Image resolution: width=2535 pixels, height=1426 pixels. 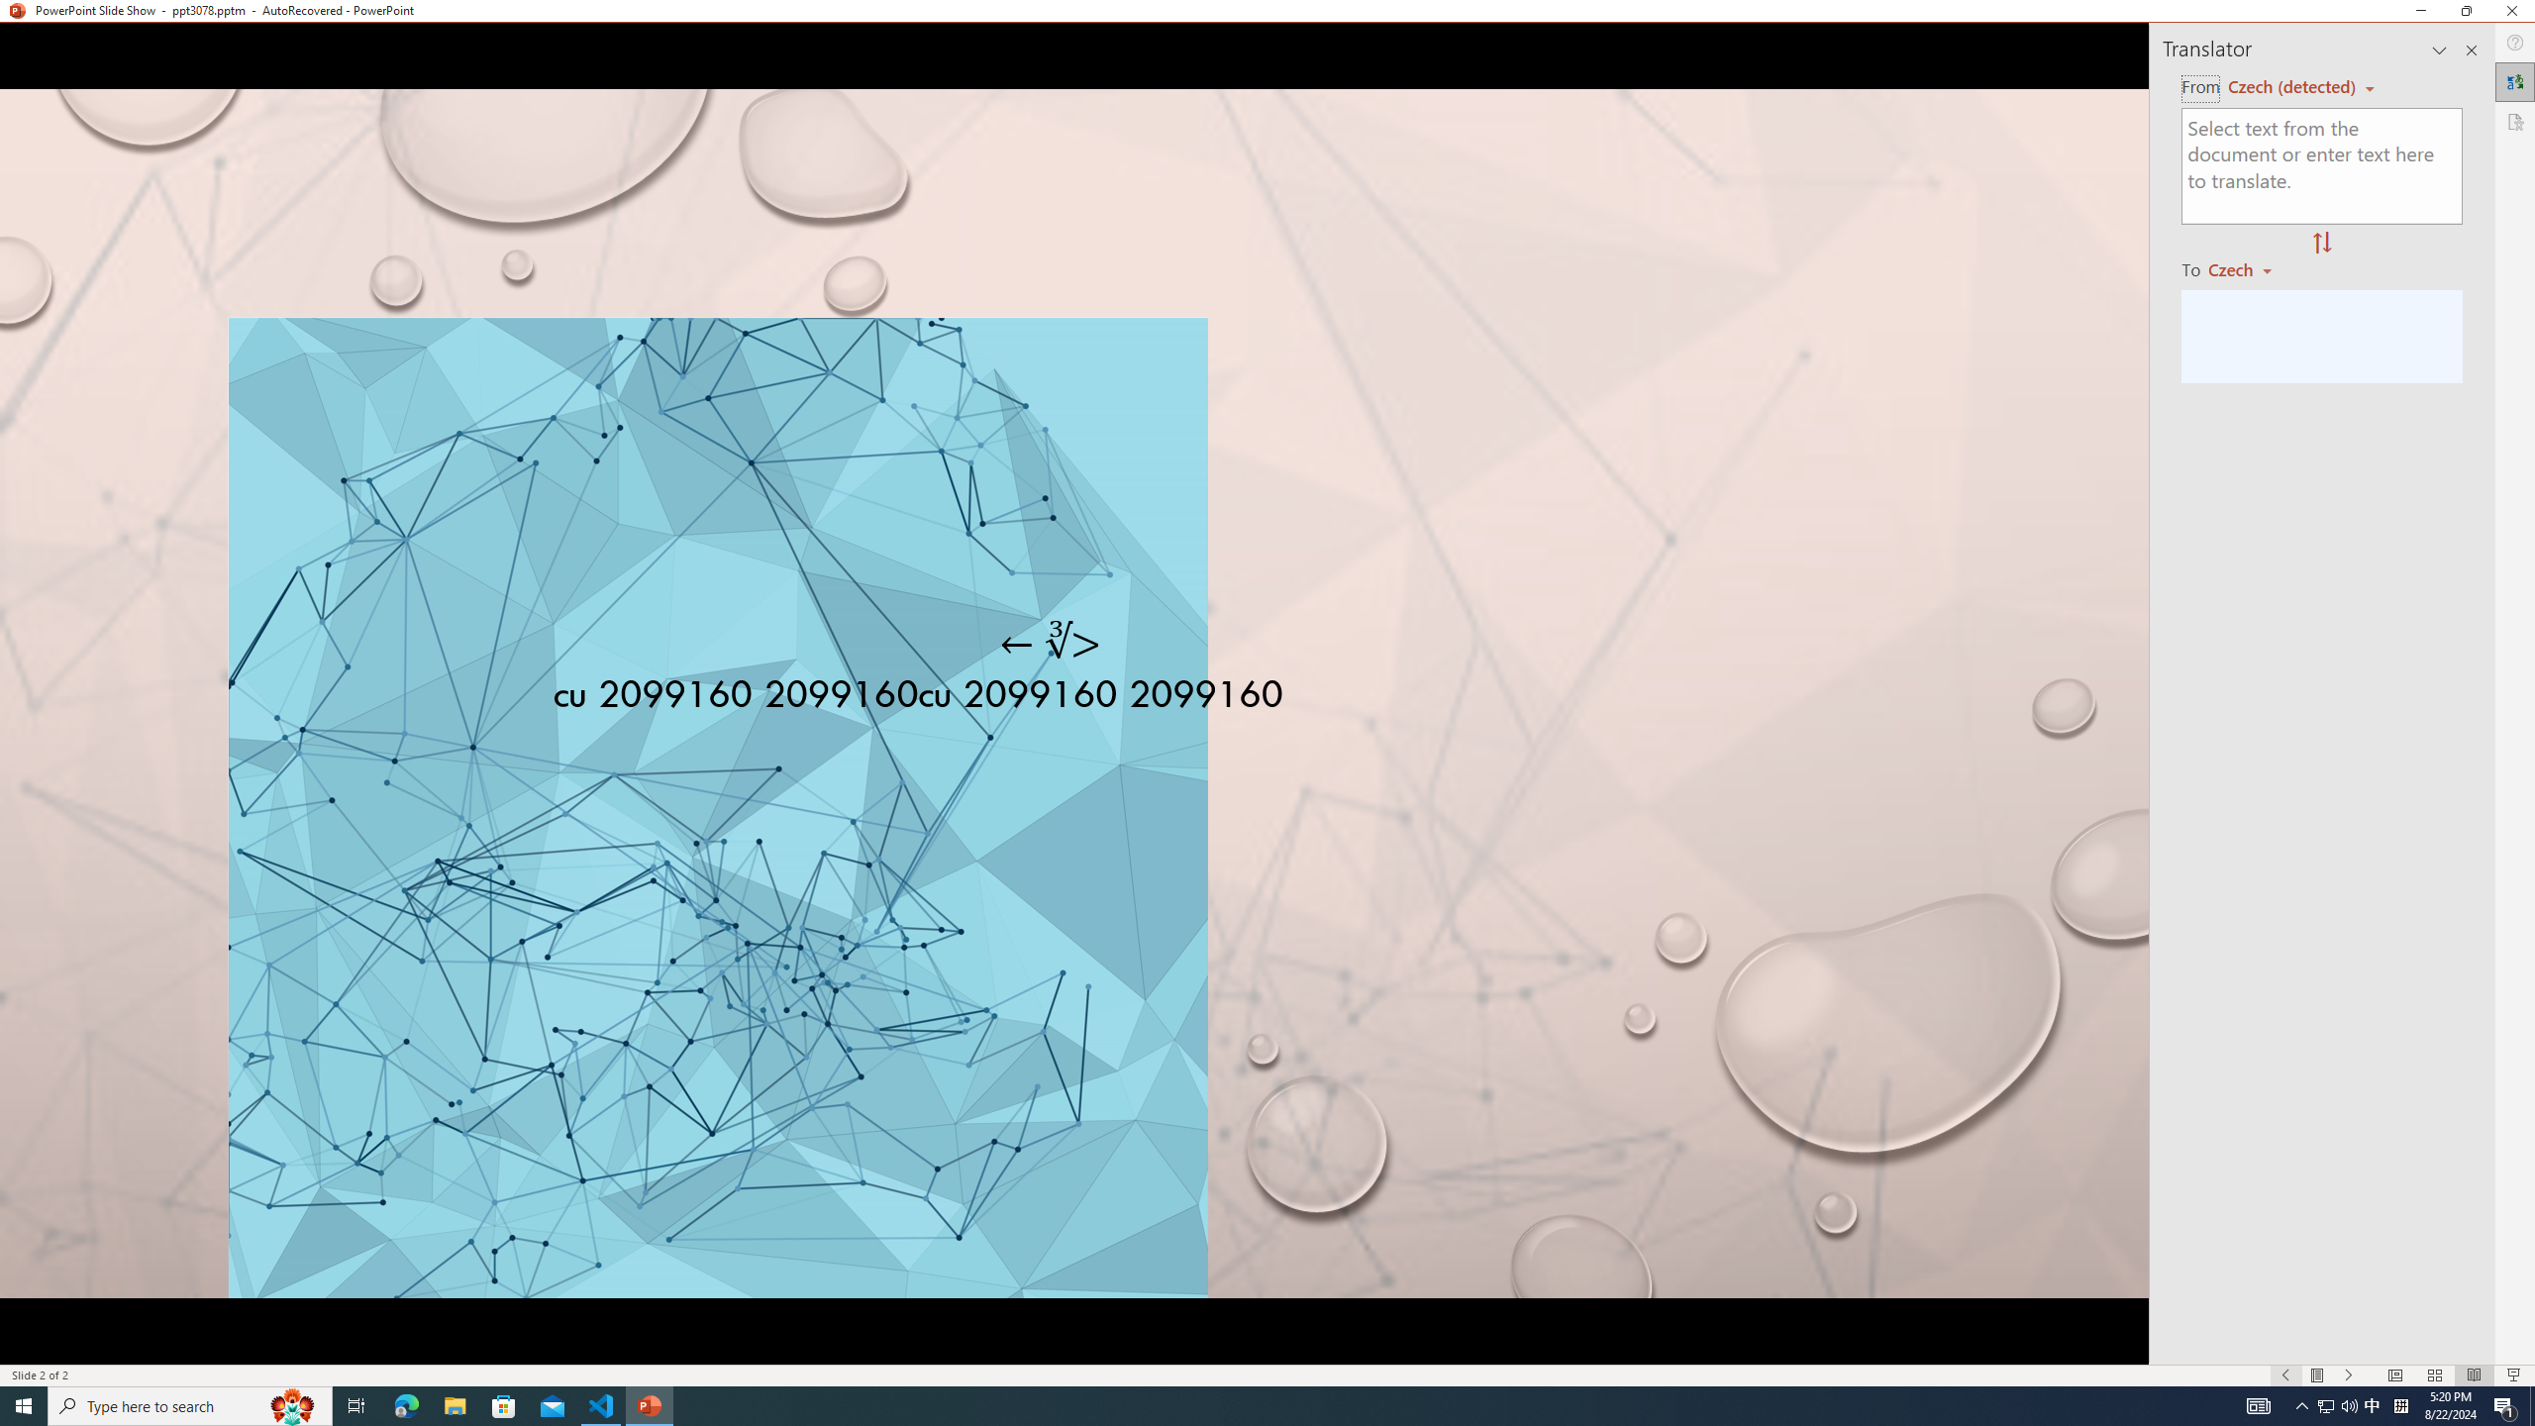 What do you see at coordinates (2349, 1375) in the screenshot?
I see `'Slide Show Next On'` at bounding box center [2349, 1375].